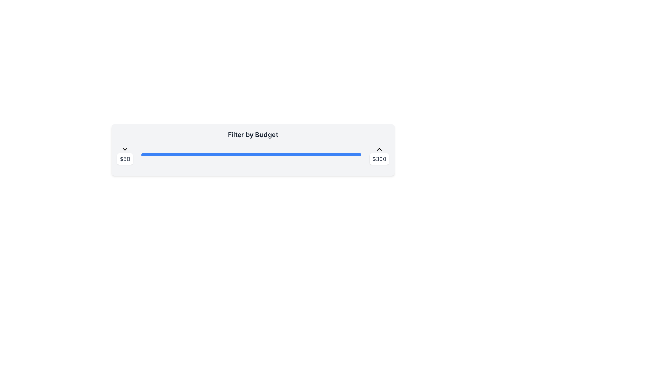 This screenshot has height=375, width=667. I want to click on the budget filter, so click(153, 155).